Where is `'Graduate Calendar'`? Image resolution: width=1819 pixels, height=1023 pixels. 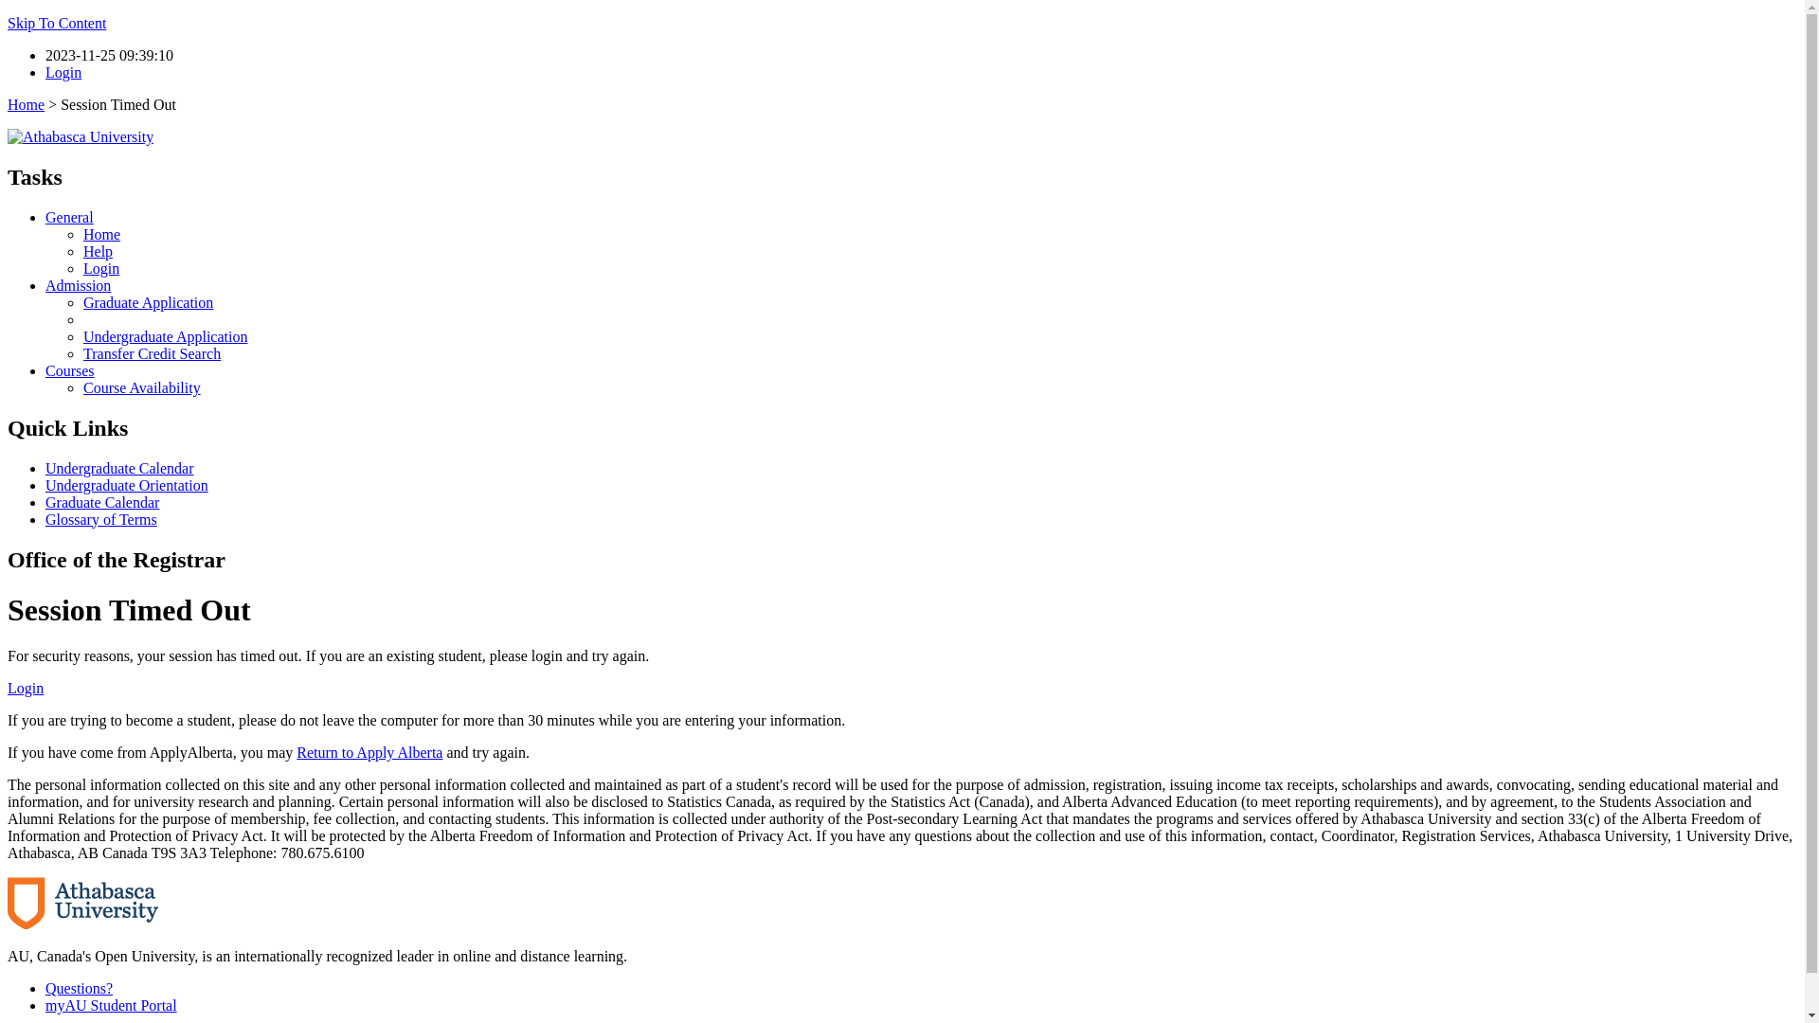 'Graduate Calendar' is located at coordinates (100, 501).